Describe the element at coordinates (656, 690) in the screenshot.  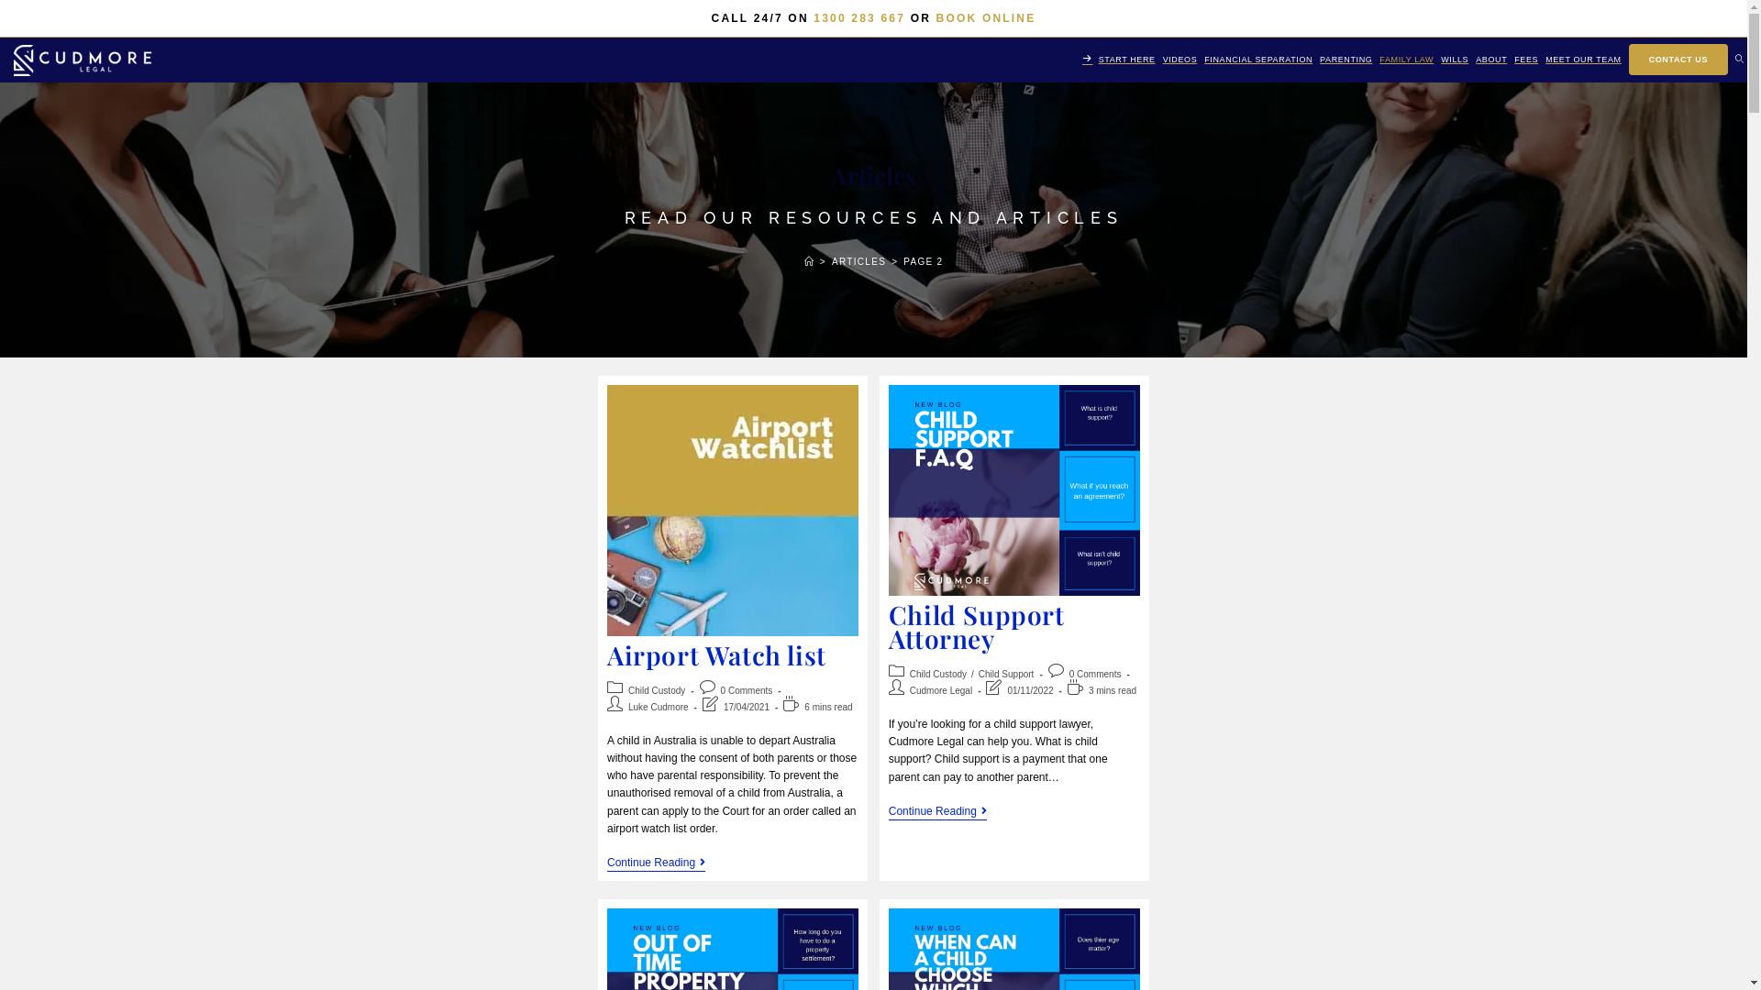
I see `'Child Custody'` at that location.